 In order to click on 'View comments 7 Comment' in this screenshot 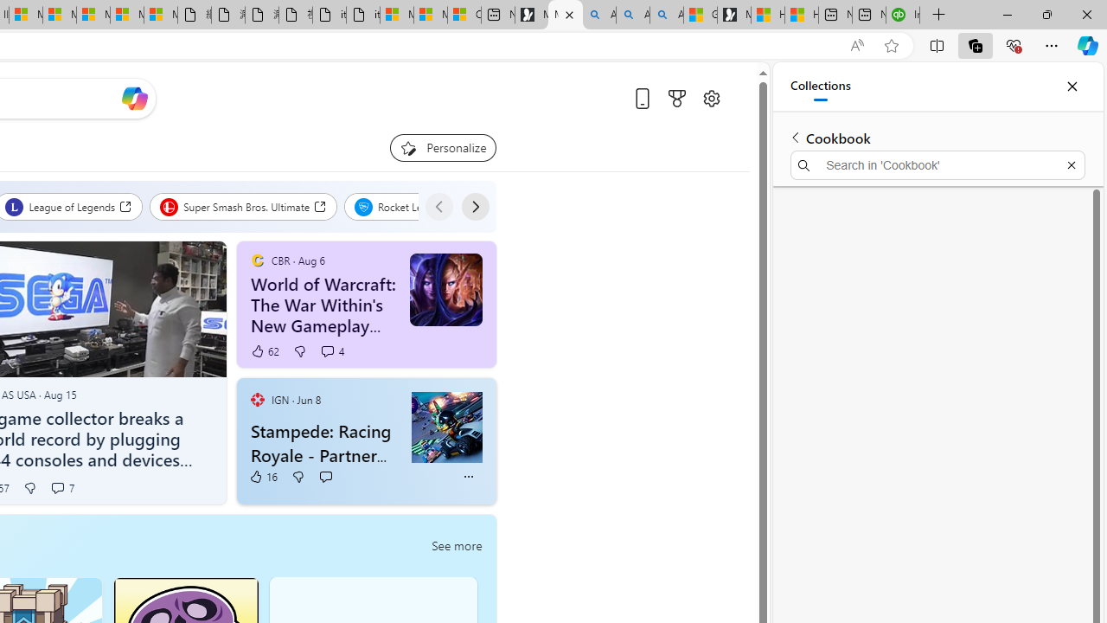, I will do `click(61, 488)`.